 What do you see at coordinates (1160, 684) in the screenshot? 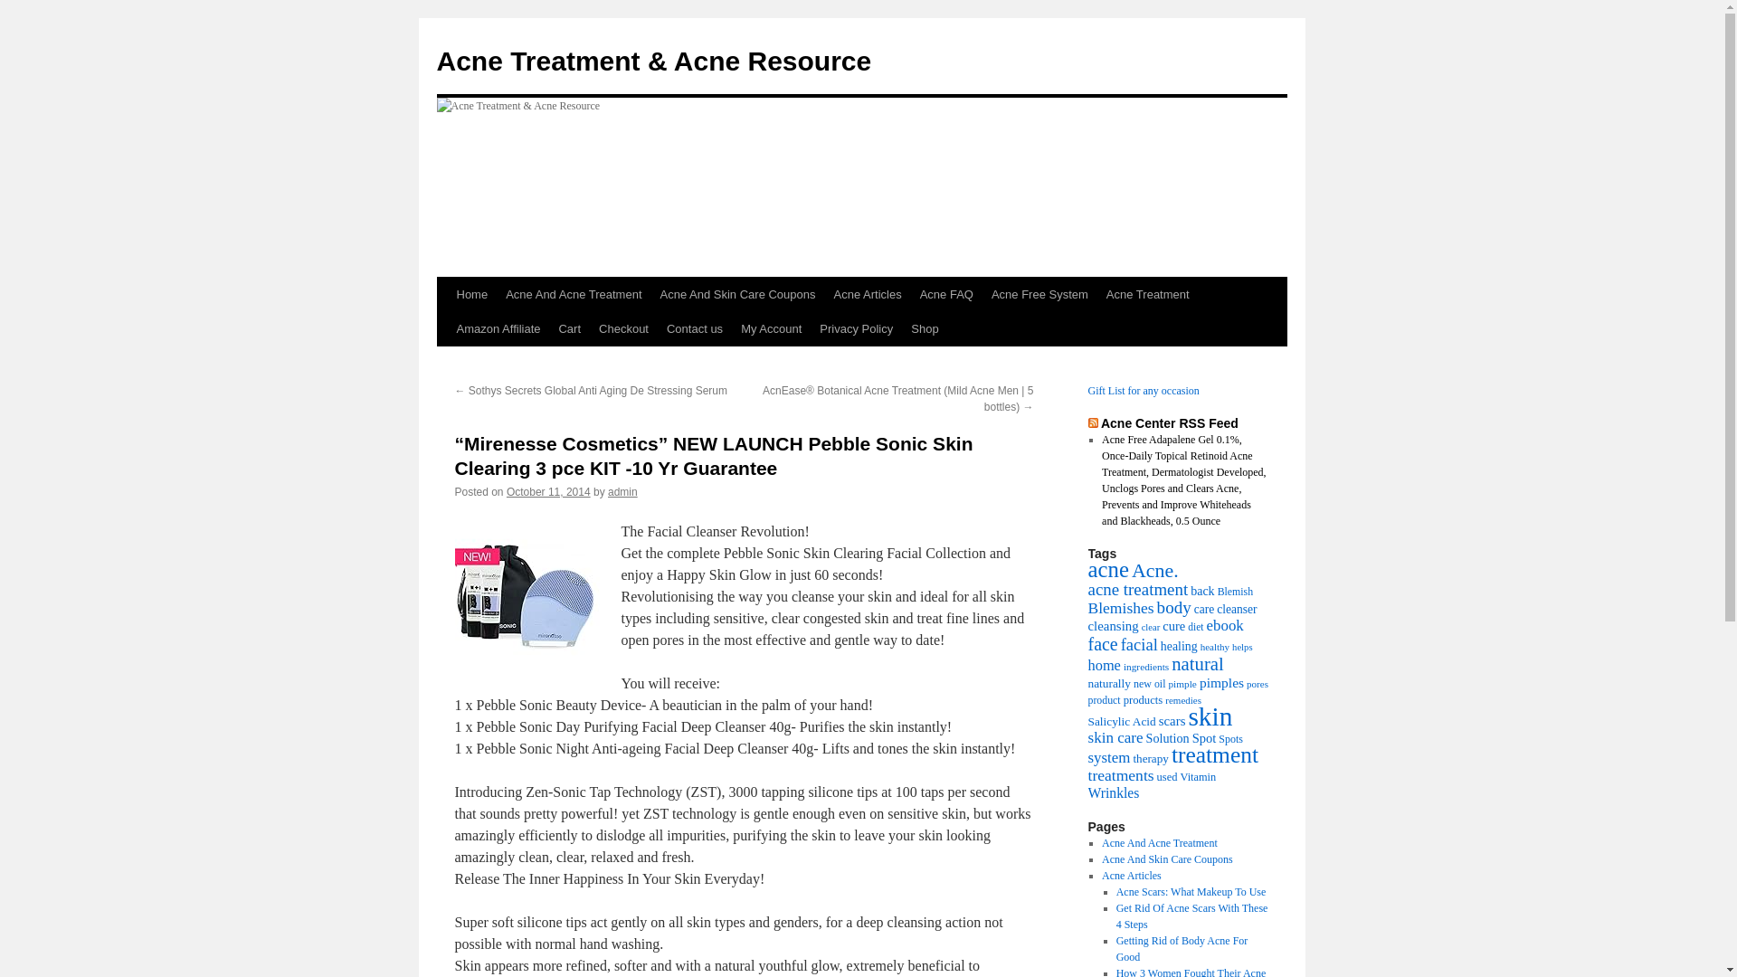
I see `'oil'` at bounding box center [1160, 684].